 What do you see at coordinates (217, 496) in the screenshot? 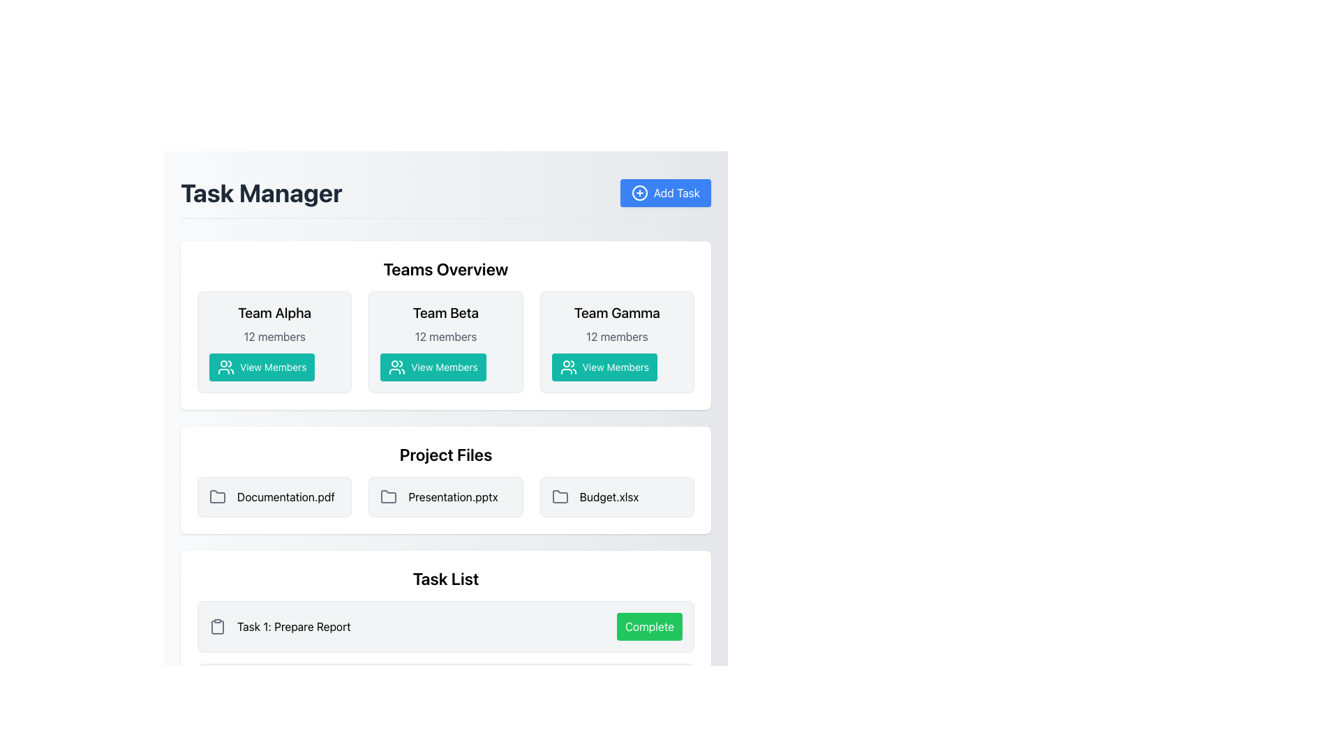
I see `the gray folder icon with rounded edges associated with the file labeled 'Documentation.pdf'` at bounding box center [217, 496].